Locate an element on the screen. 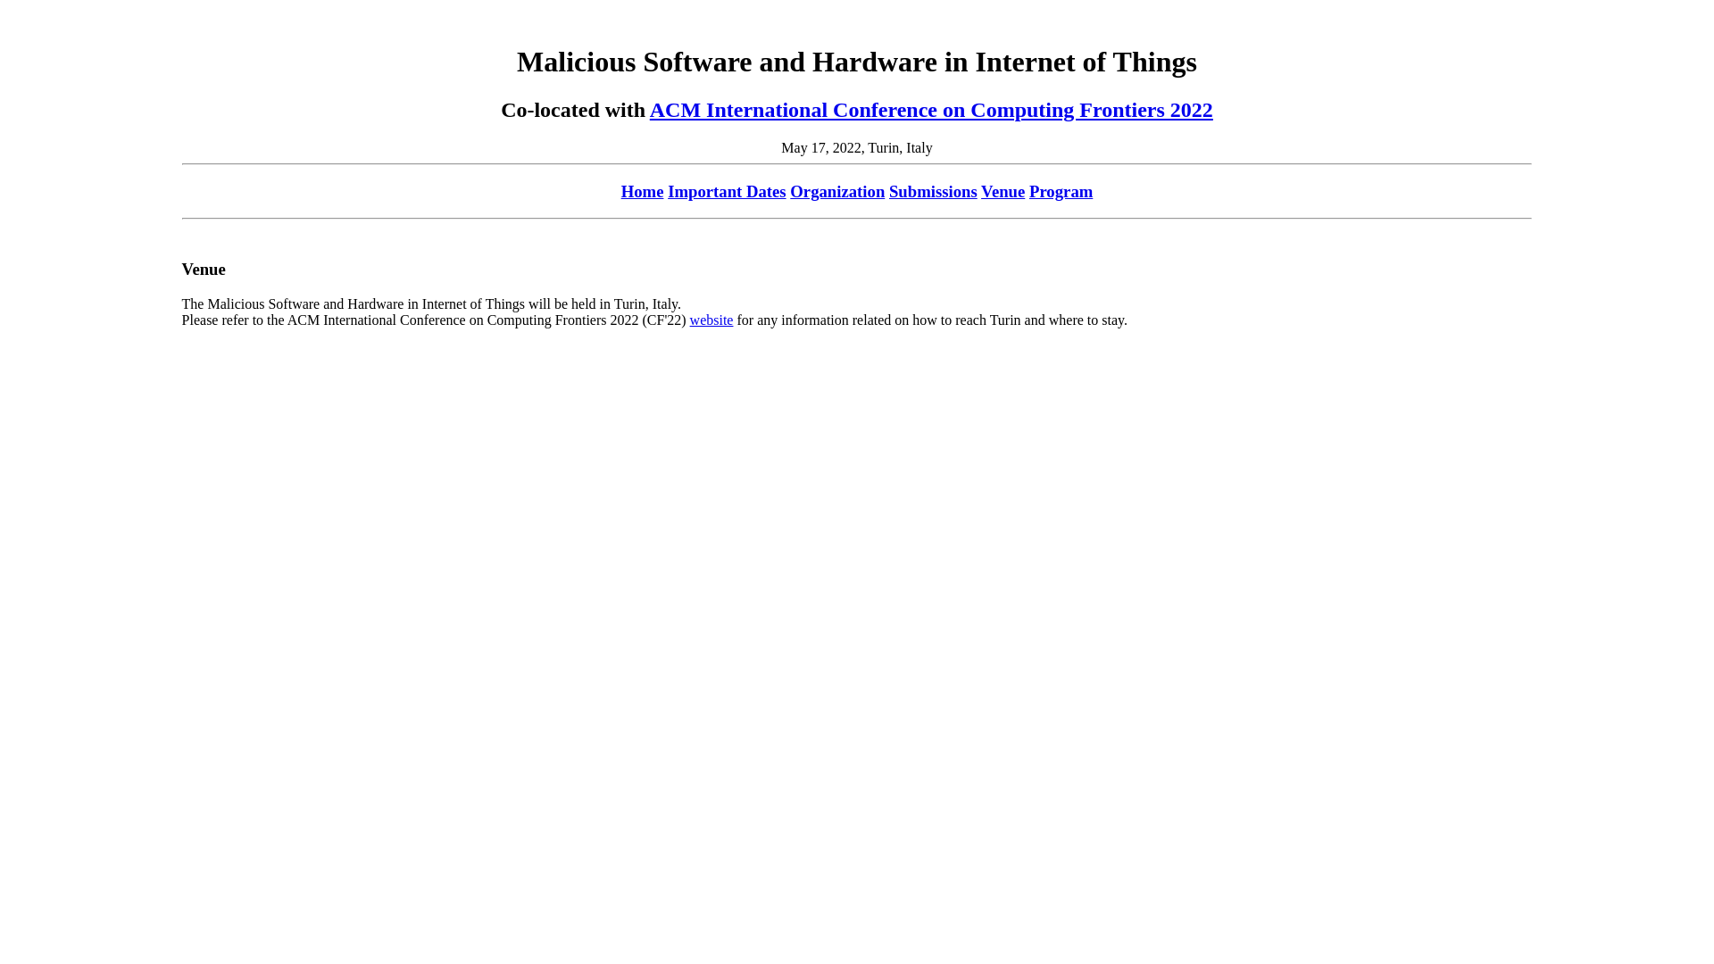 The width and height of the screenshot is (1714, 964). 'Home' is located at coordinates (643, 191).